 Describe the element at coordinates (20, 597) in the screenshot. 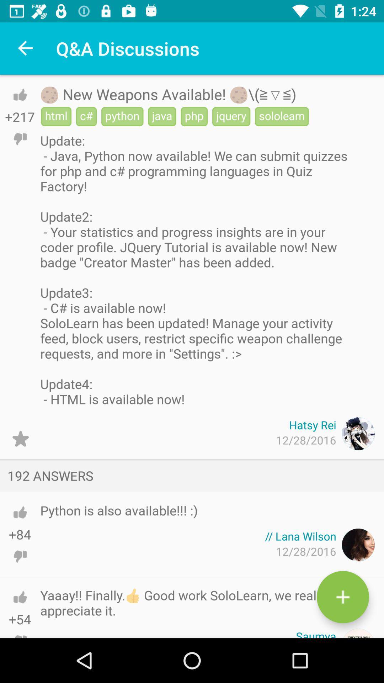

I see `thumbs up or like` at that location.